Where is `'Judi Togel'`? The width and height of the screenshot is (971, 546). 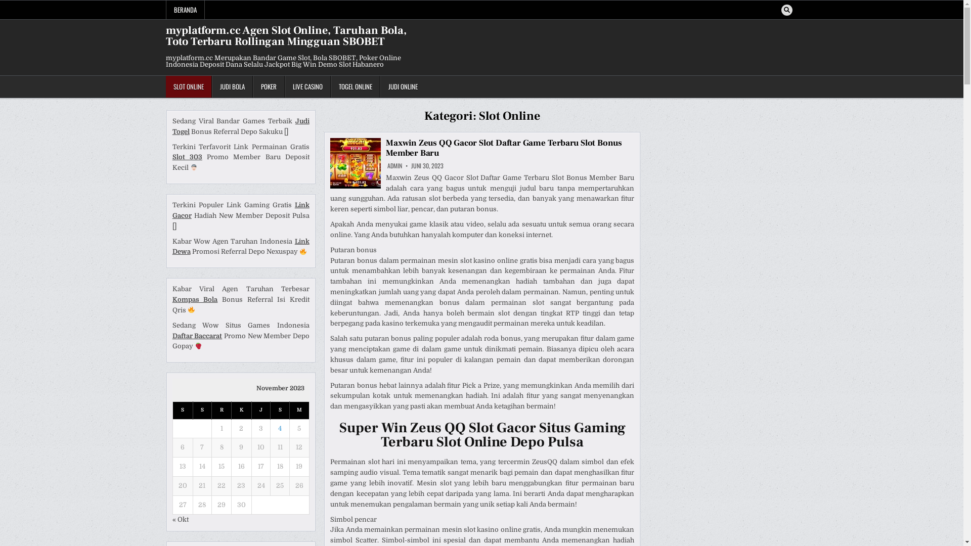
'Judi Togel' is located at coordinates (240, 126).